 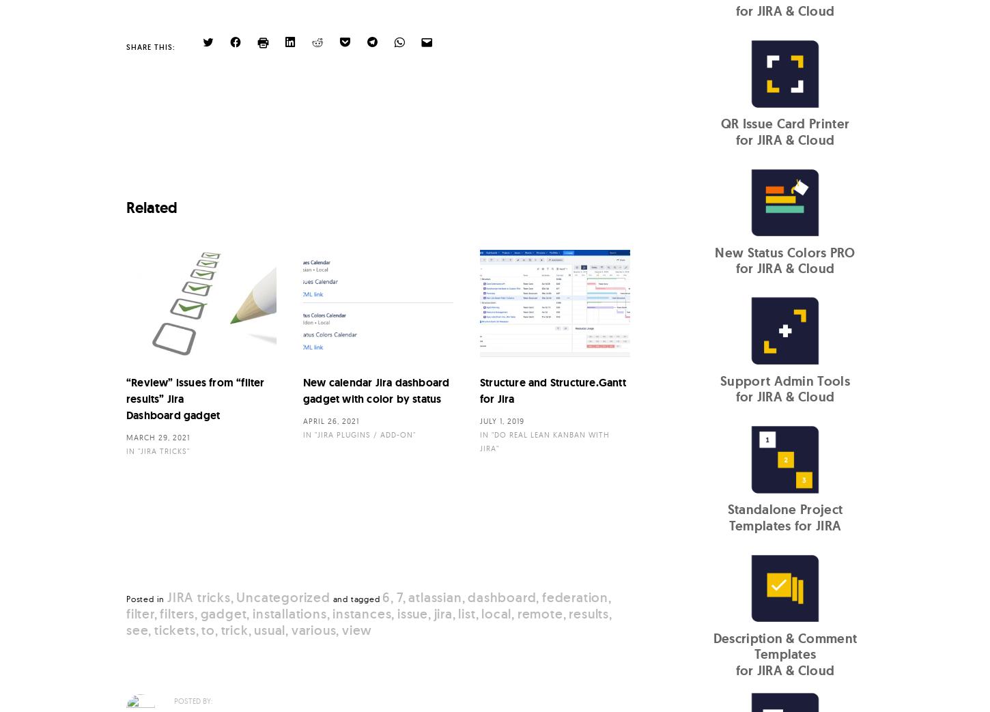 I want to click on 'trick', so click(x=234, y=629).